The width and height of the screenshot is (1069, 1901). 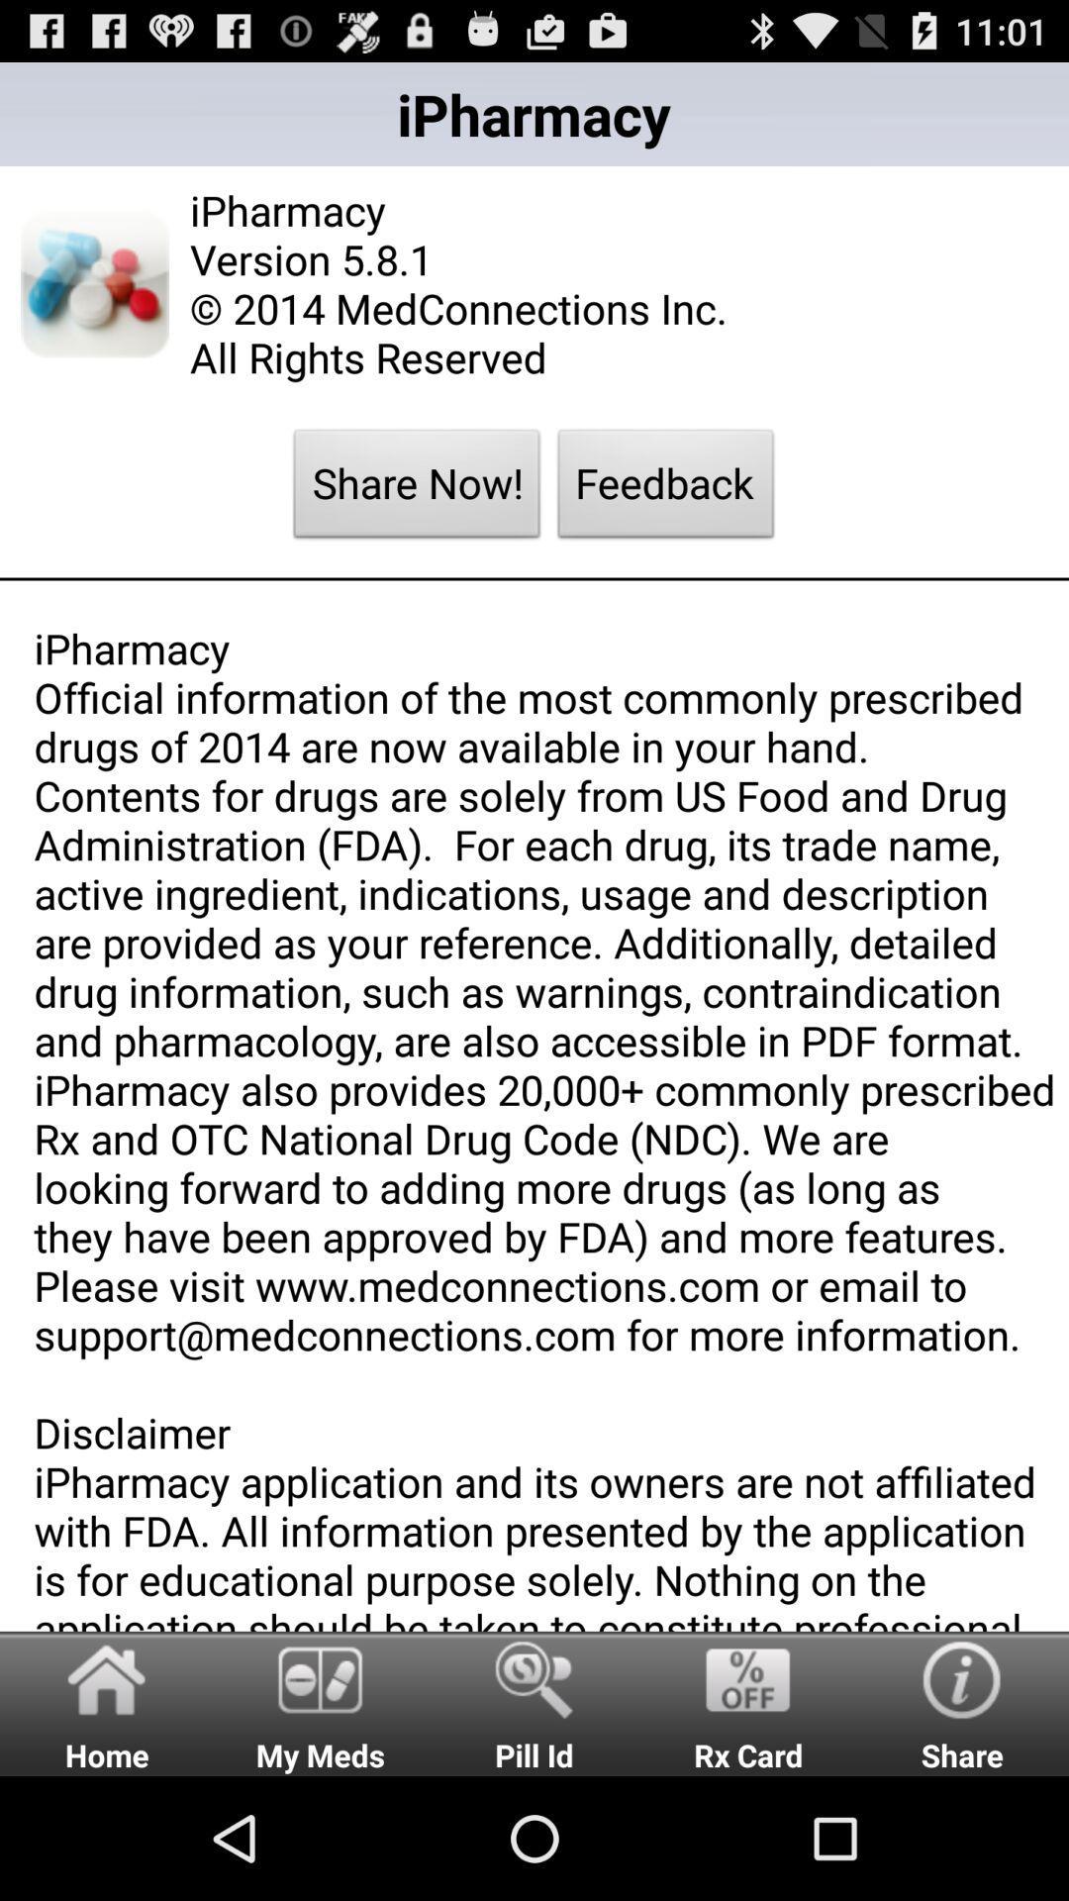 What do you see at coordinates (748, 1702) in the screenshot?
I see `the icon next to pill id item` at bounding box center [748, 1702].